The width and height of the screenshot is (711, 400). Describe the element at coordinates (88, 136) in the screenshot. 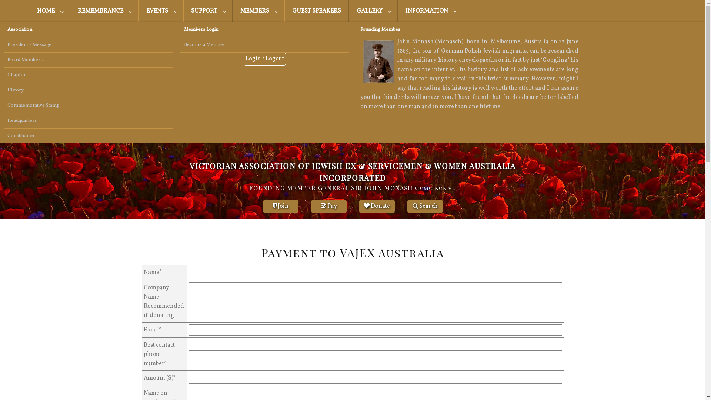

I see `'Constitution'` at that location.